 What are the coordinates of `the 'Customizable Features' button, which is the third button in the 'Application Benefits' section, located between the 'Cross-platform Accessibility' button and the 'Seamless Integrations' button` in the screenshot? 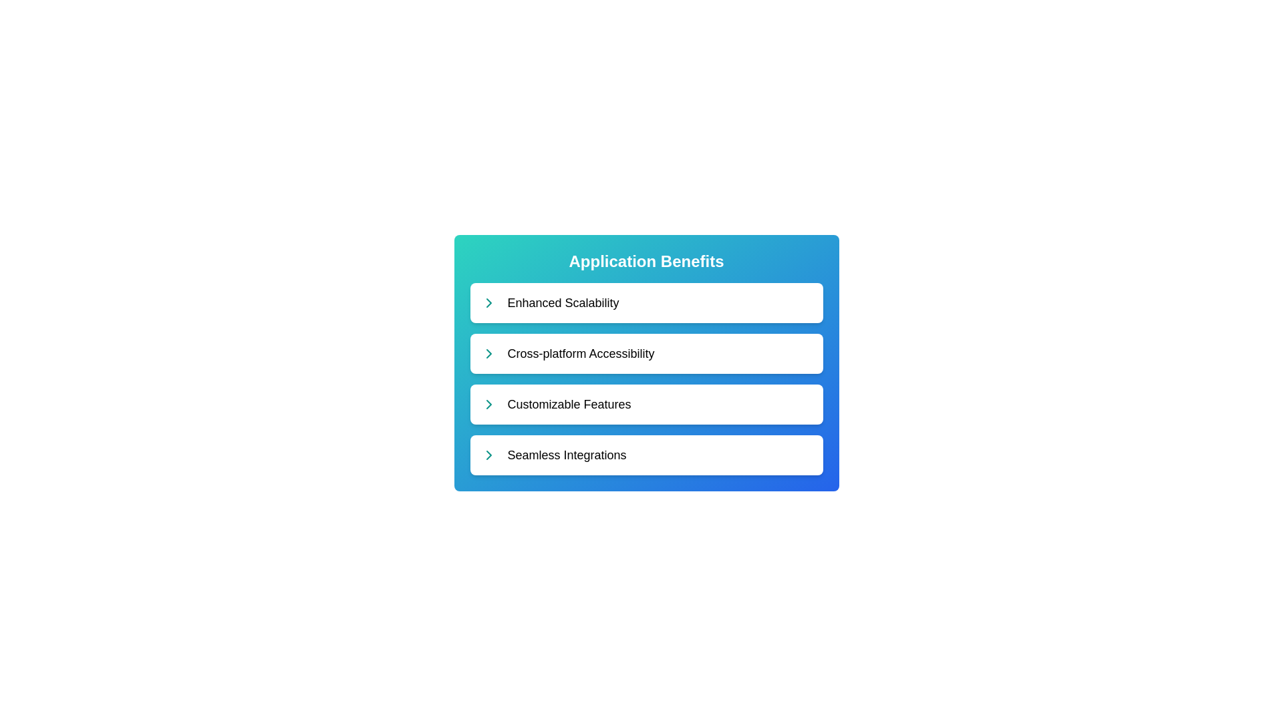 It's located at (646, 403).